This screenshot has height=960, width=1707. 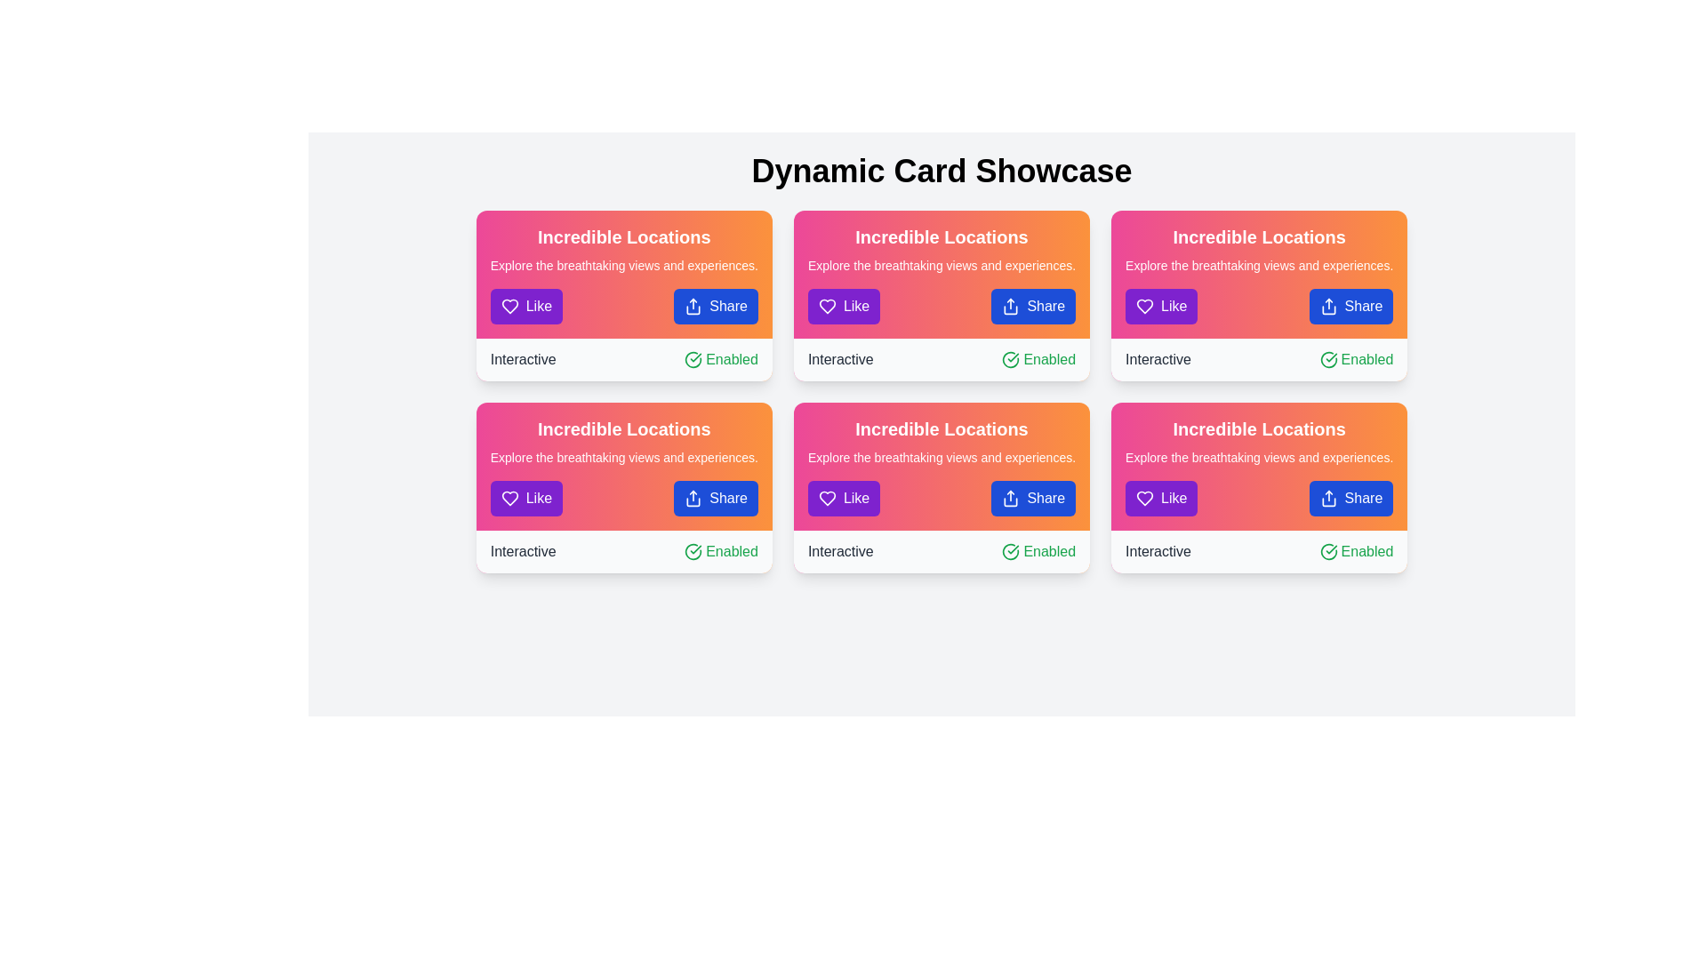 I want to click on the green circular icon with a checkmark indicating enabled status, located at the bottom-right corner of the third card in the top row, so click(x=1011, y=360).